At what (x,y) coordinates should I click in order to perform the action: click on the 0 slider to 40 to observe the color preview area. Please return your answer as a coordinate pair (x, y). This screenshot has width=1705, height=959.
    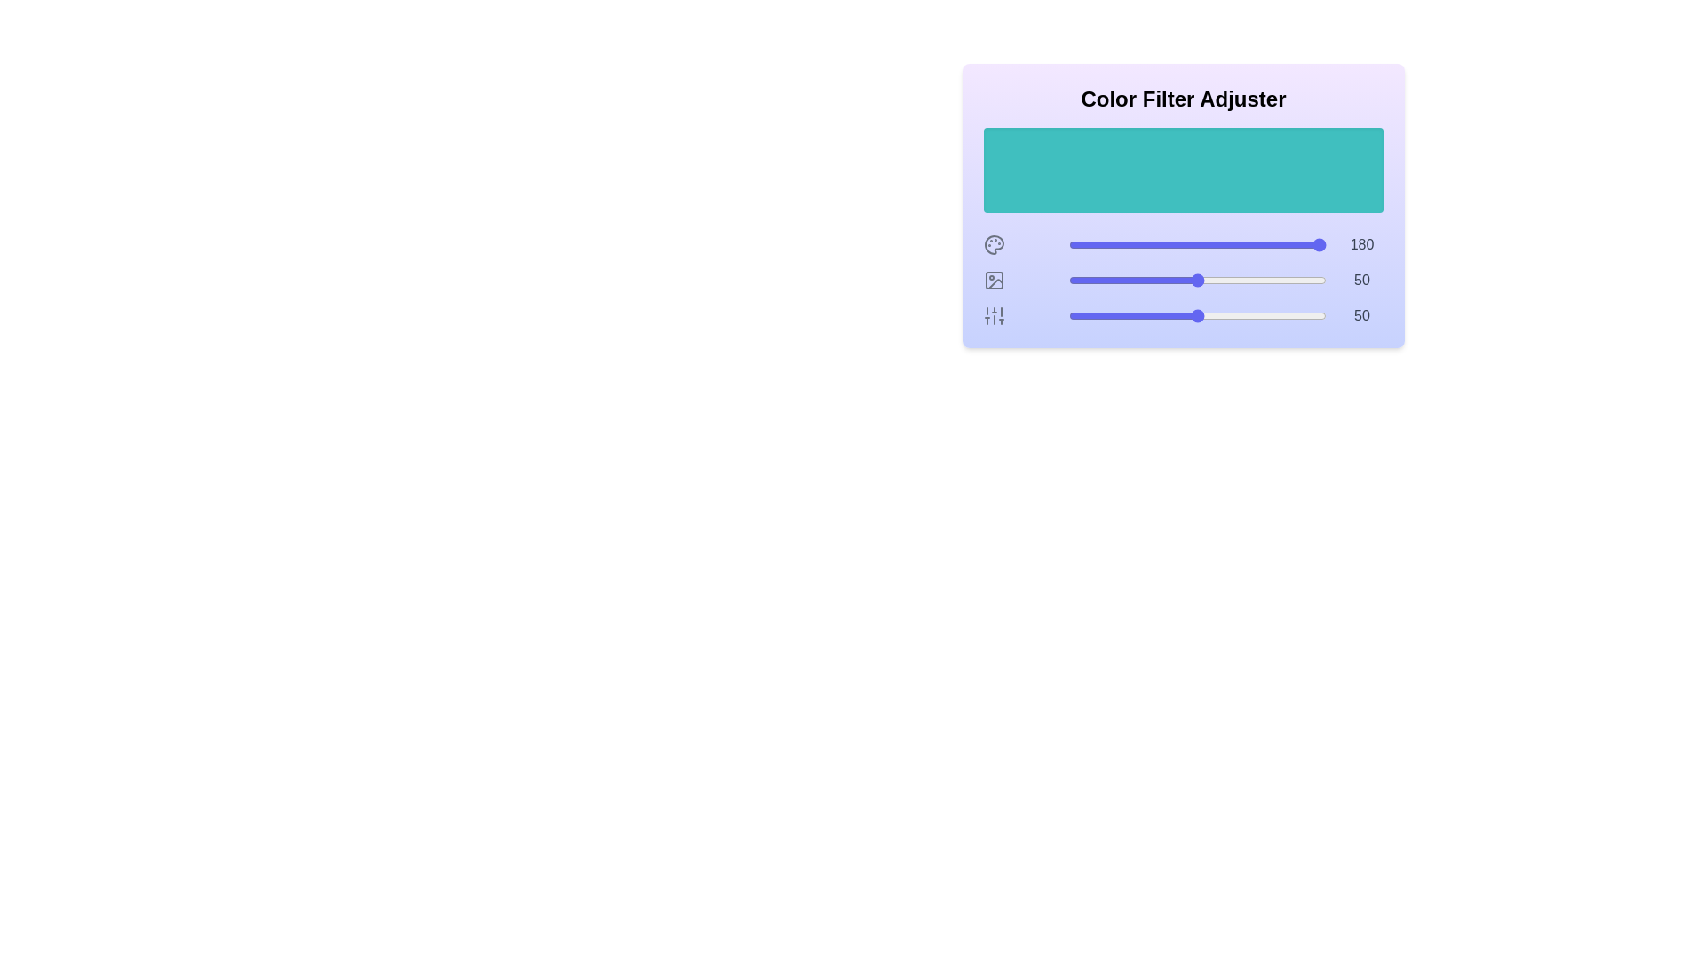
    Looking at the image, I should click on (1172, 245).